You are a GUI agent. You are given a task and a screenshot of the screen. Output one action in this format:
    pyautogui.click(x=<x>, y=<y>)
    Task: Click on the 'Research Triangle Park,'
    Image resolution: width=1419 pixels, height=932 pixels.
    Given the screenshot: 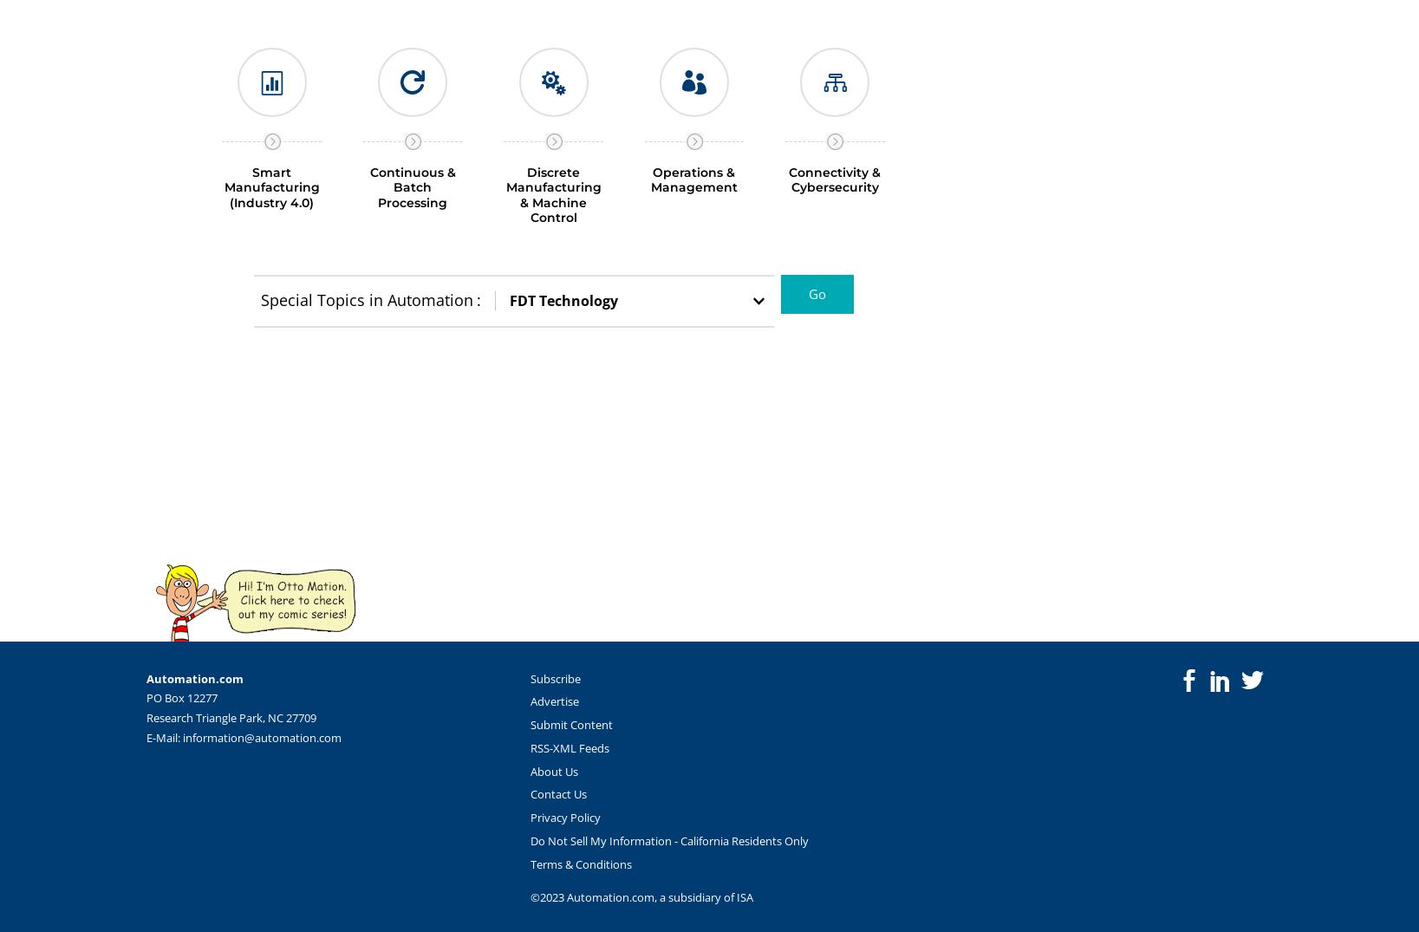 What is the action you would take?
    pyautogui.click(x=144, y=716)
    